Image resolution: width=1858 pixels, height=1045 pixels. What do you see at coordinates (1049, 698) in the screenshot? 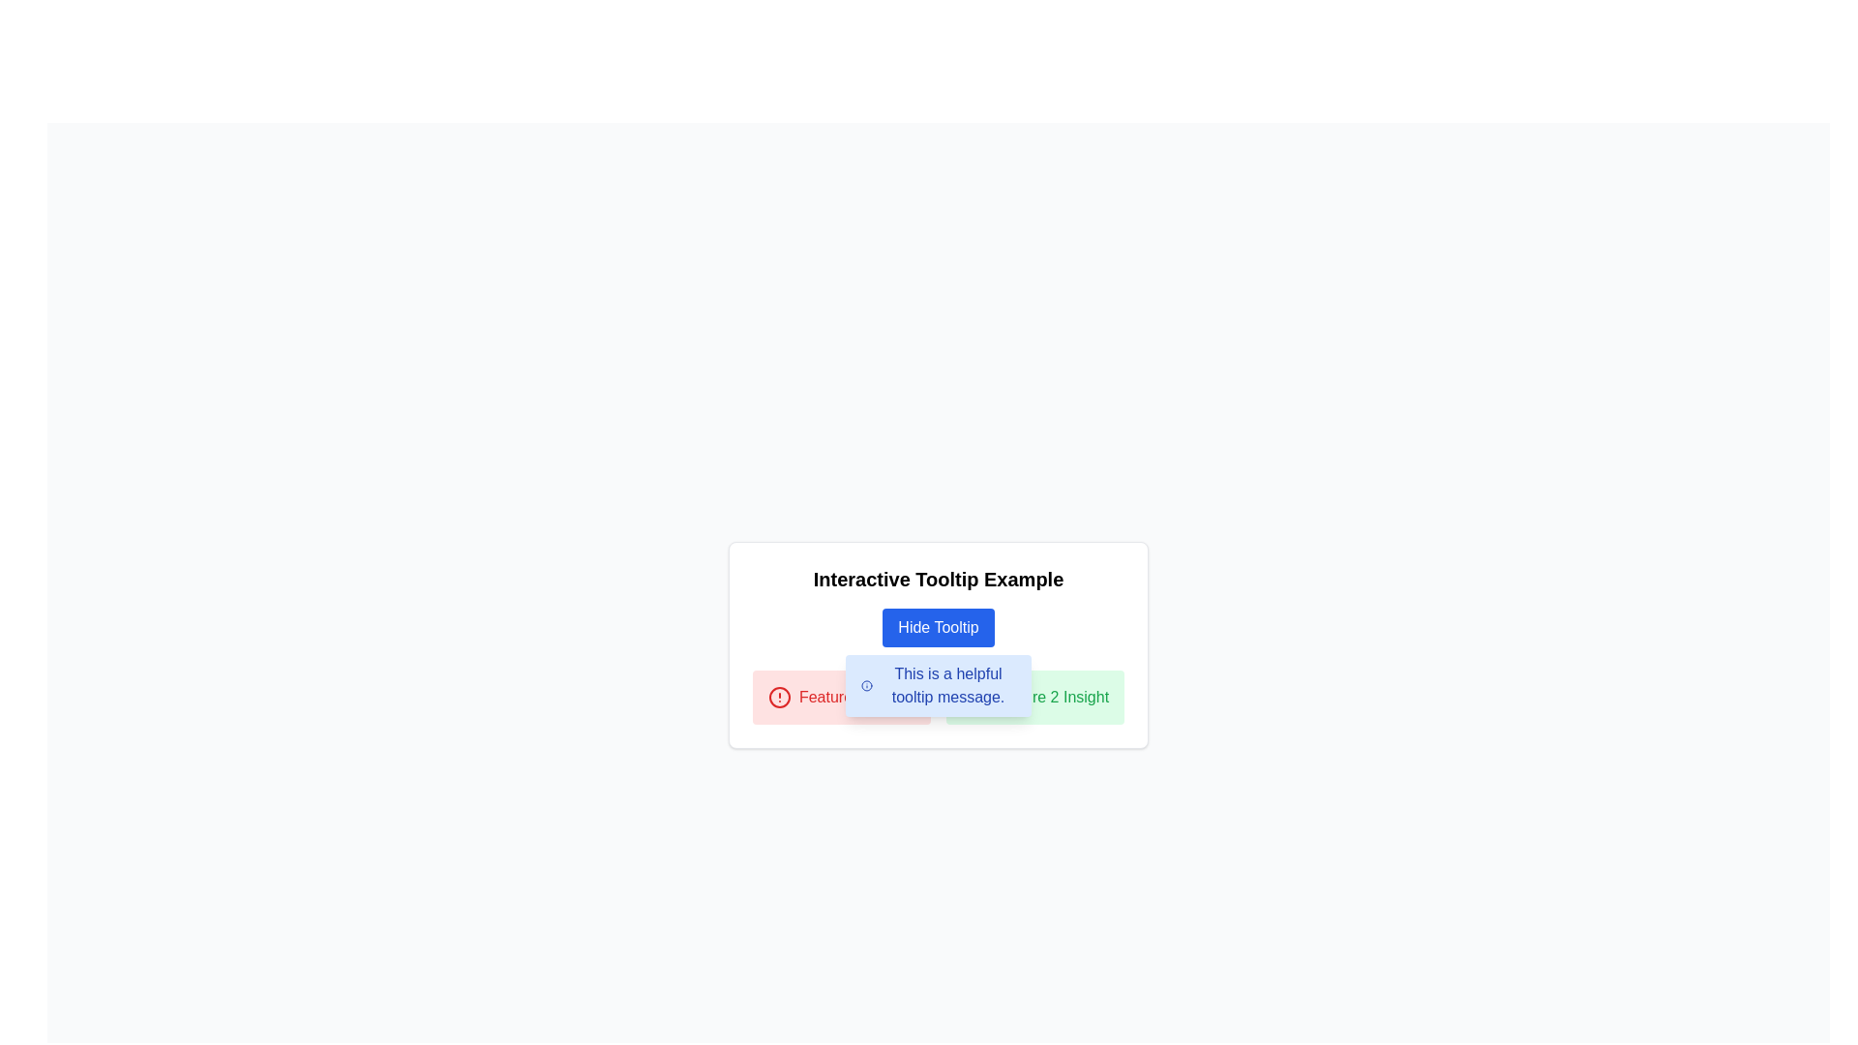
I see `the green-styled text label reading 'Feature 2 Insight', located between a tooltip and a larger blue button` at bounding box center [1049, 698].